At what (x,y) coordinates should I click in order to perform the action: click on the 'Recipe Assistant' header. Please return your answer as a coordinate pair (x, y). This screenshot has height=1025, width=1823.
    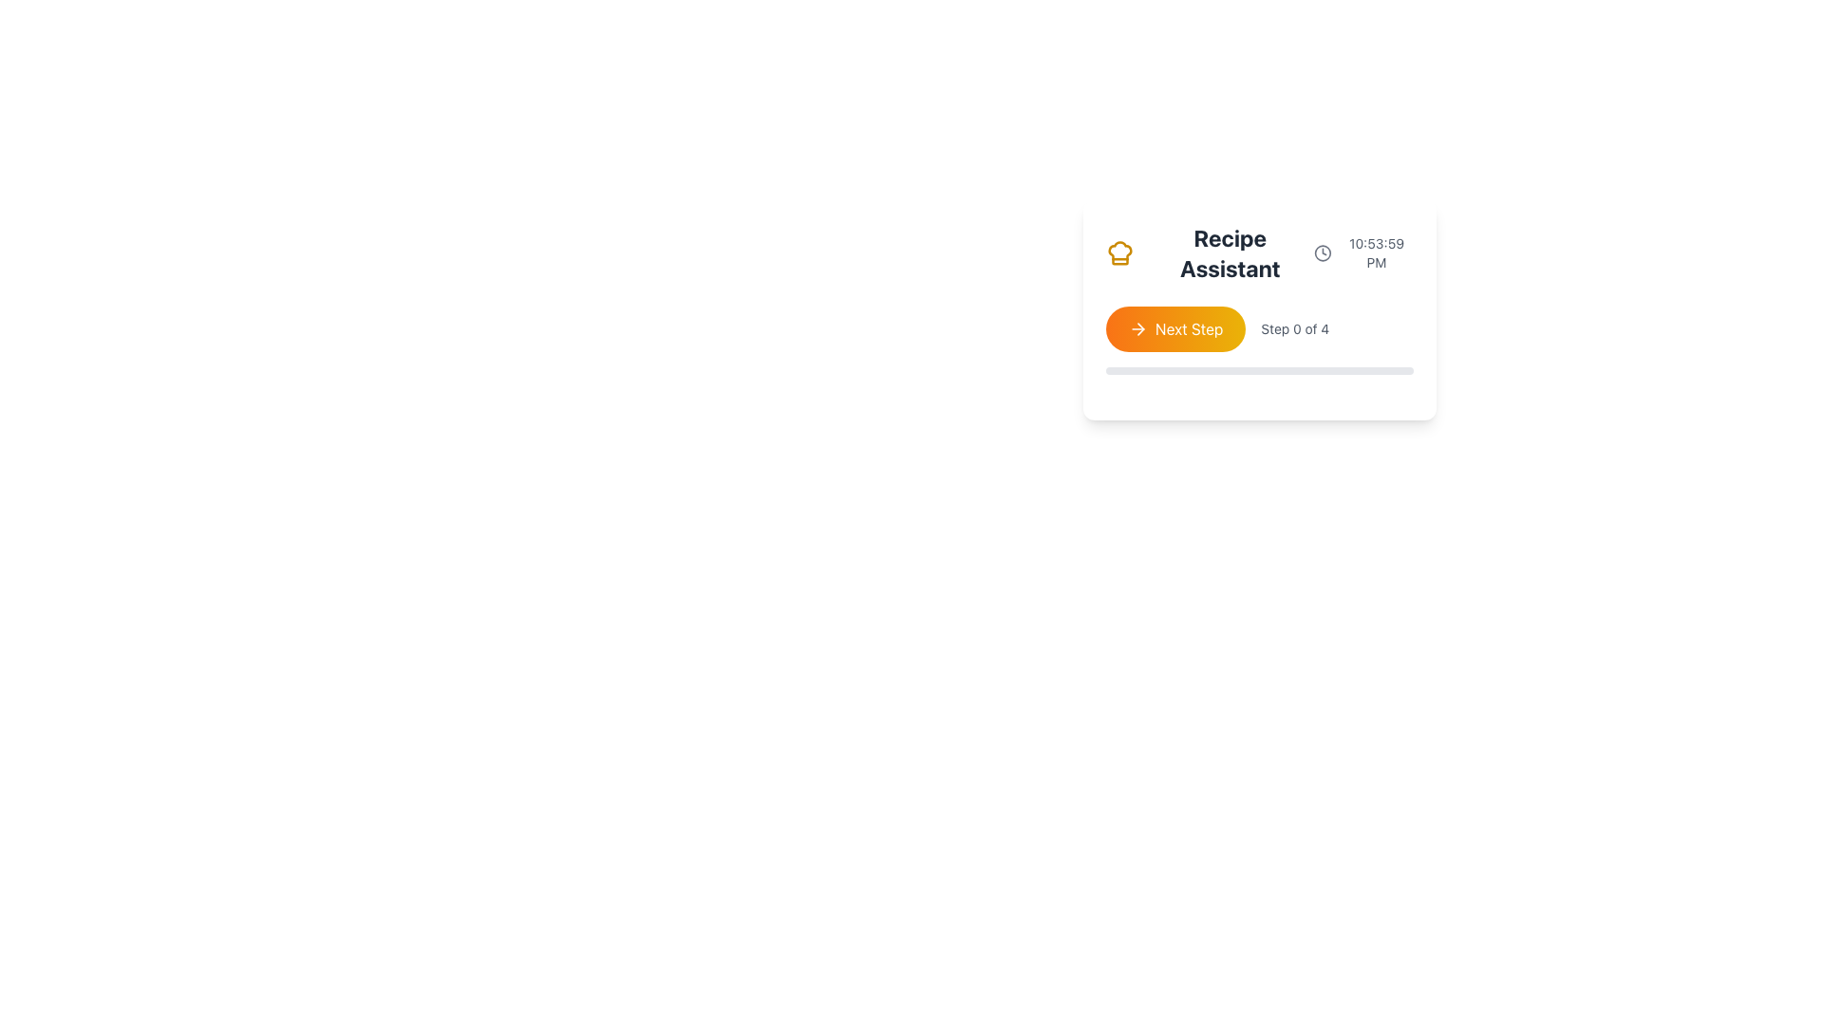
    Looking at the image, I should click on (1259, 252).